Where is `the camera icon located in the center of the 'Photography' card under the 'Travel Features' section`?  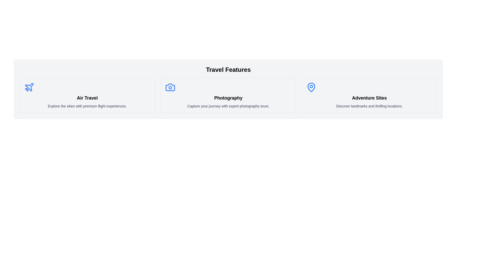
the camera icon located in the center of the 'Photography' card under the 'Travel Features' section is located at coordinates (170, 87).